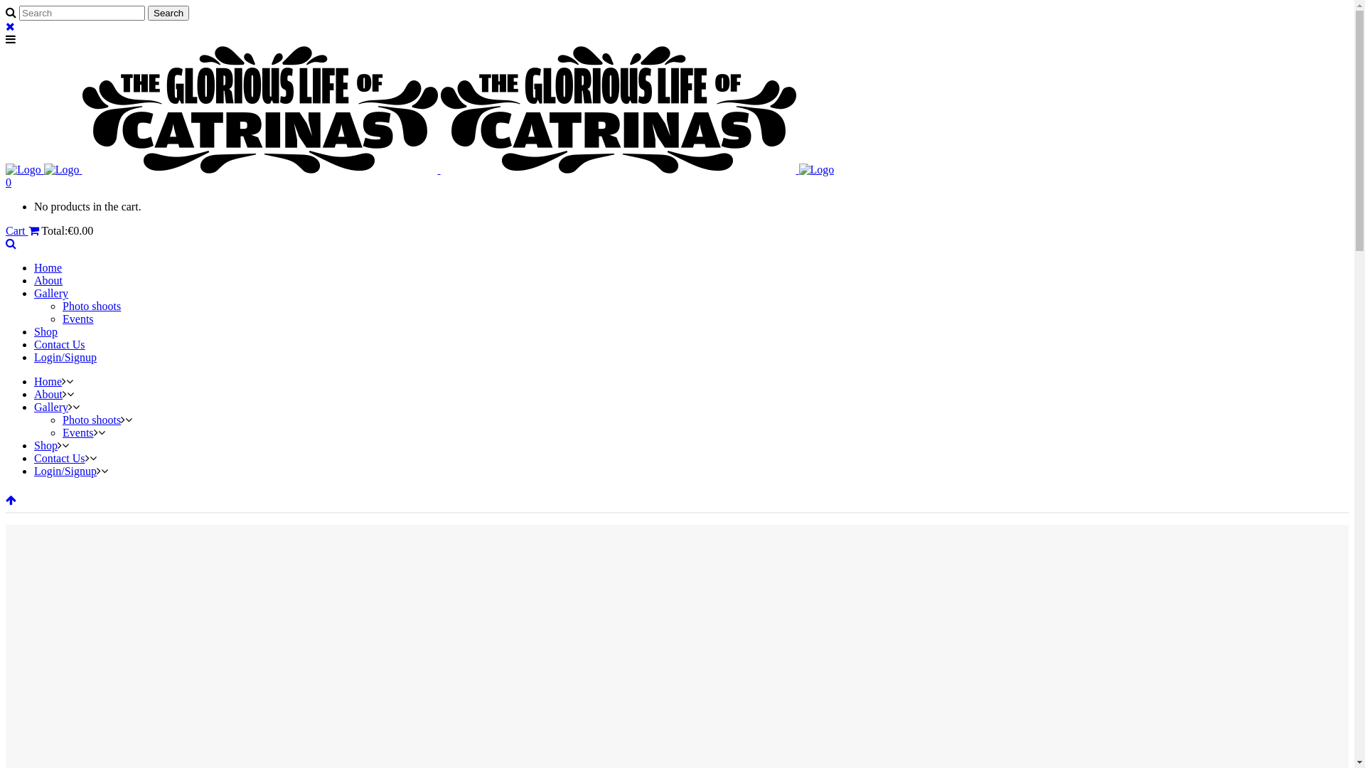  Describe the element at coordinates (9, 181) in the screenshot. I see `'0'` at that location.